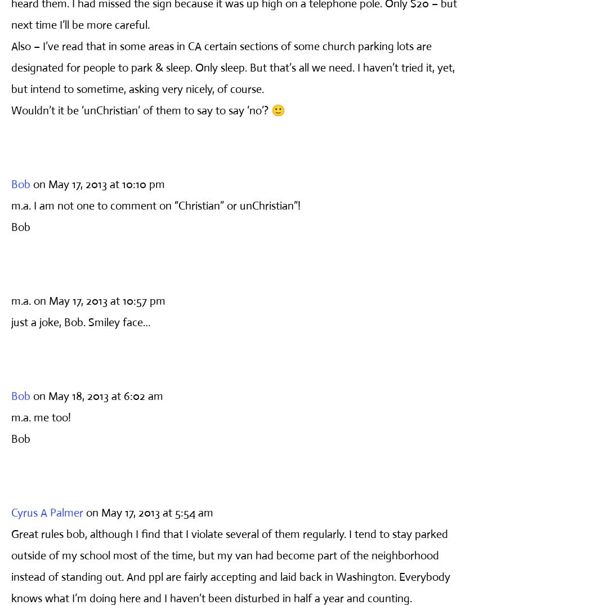 The image size is (591, 605). Describe the element at coordinates (100, 300) in the screenshot. I see `'on May 17, 2013 at 10:57 pm'` at that location.